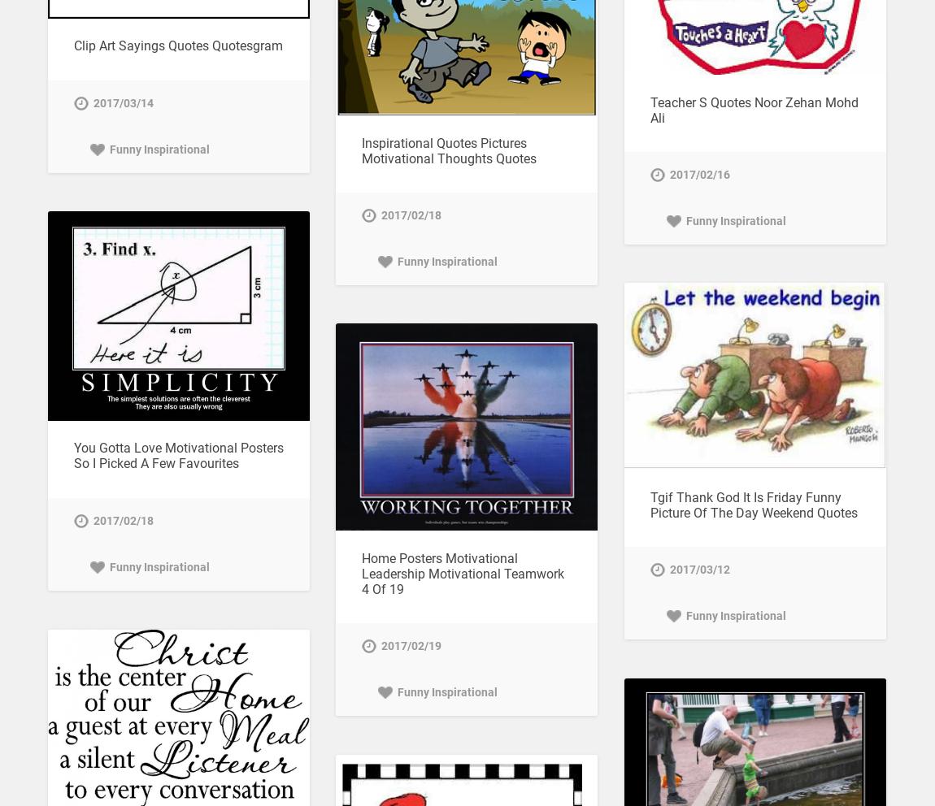 The image size is (935, 806). What do you see at coordinates (462, 573) in the screenshot?
I see `'Home Posters Motivational Leadership Motivational Teamwork 4 Of 19'` at bounding box center [462, 573].